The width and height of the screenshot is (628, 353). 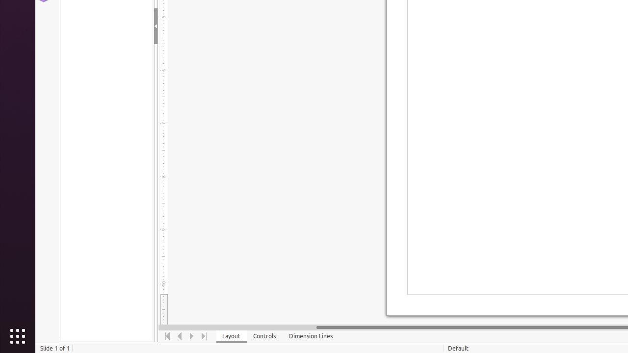 I want to click on 'Layout', so click(x=231, y=336).